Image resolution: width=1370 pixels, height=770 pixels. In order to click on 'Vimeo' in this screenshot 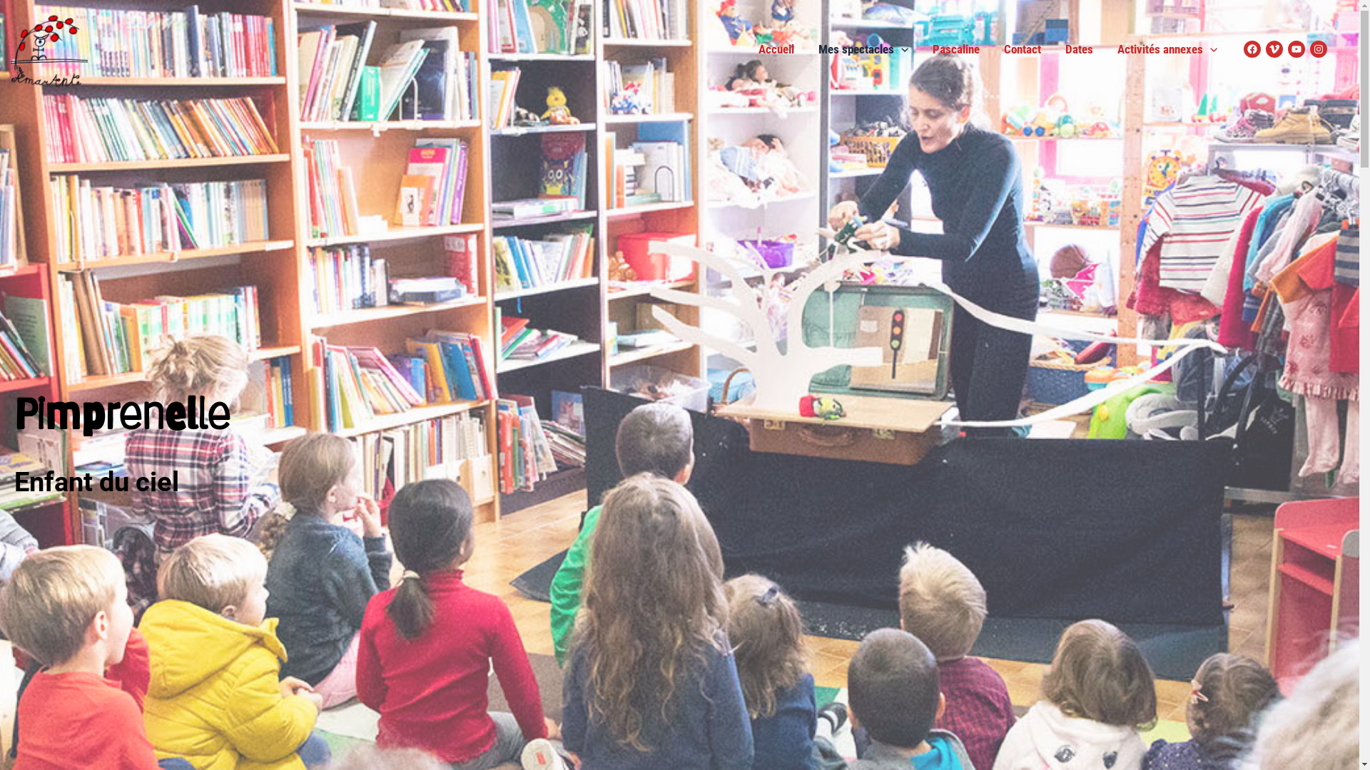, I will do `click(1266, 48)`.